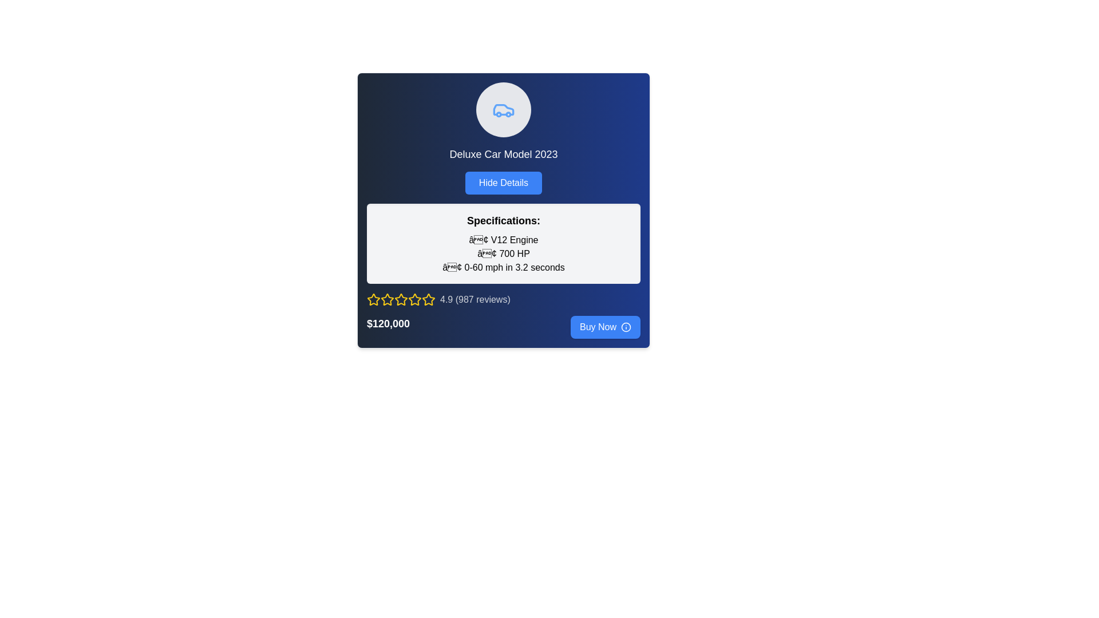 This screenshot has width=1099, height=618. Describe the element at coordinates (503, 110) in the screenshot. I see `the car icon located at the top of the card, directly above the text 'Deluxe Car Model 2023'` at that location.